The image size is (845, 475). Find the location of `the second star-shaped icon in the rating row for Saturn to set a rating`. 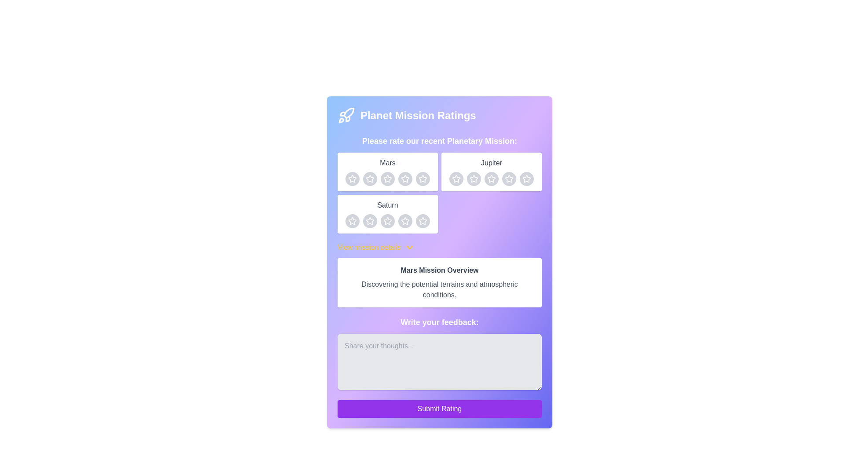

the second star-shaped icon in the rating row for Saturn to set a rating is located at coordinates (370, 220).